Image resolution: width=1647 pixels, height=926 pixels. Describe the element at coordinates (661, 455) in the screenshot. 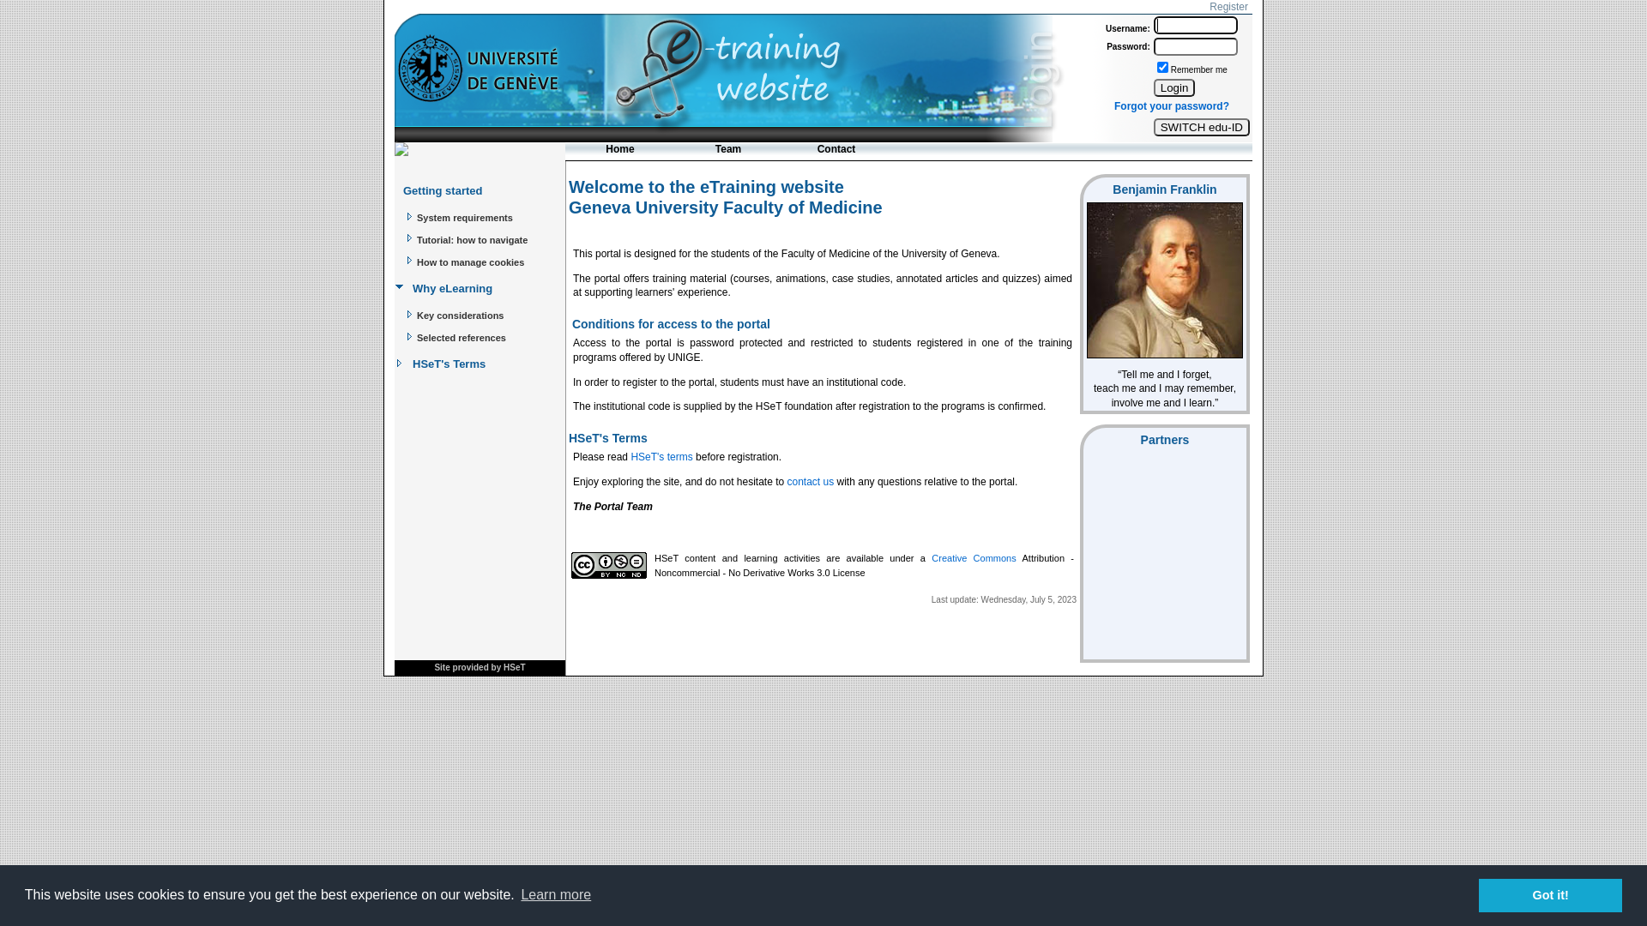

I see `'HSeT's terms'` at that location.